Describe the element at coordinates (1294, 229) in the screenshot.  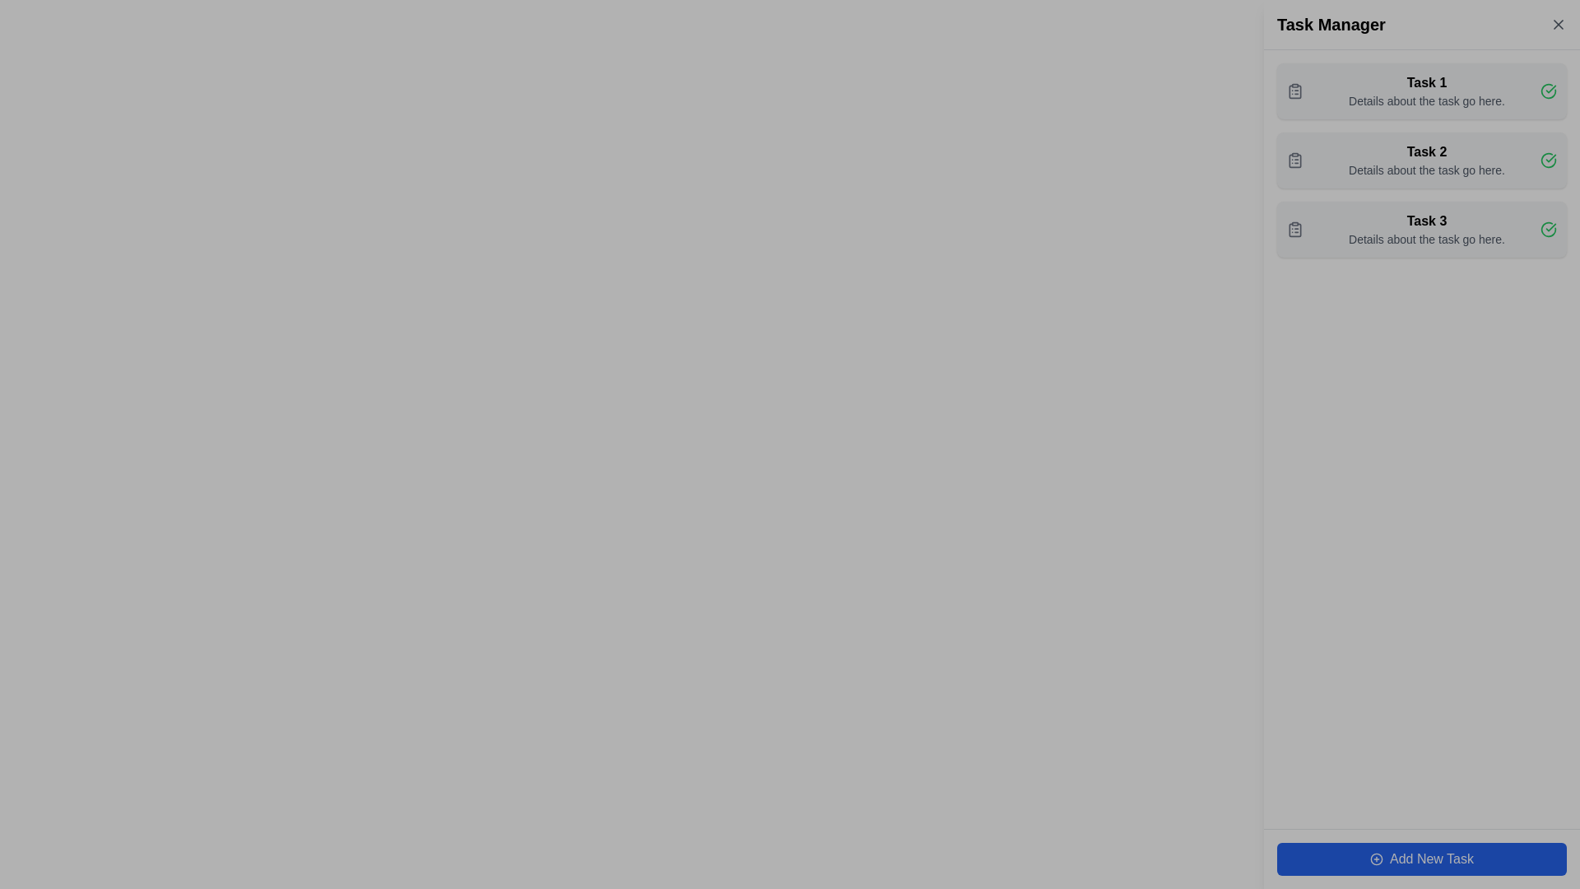
I see `the clipboard icon located beside the text 'Task 3', which is designed in a minimalistic style with gray strokes` at that location.